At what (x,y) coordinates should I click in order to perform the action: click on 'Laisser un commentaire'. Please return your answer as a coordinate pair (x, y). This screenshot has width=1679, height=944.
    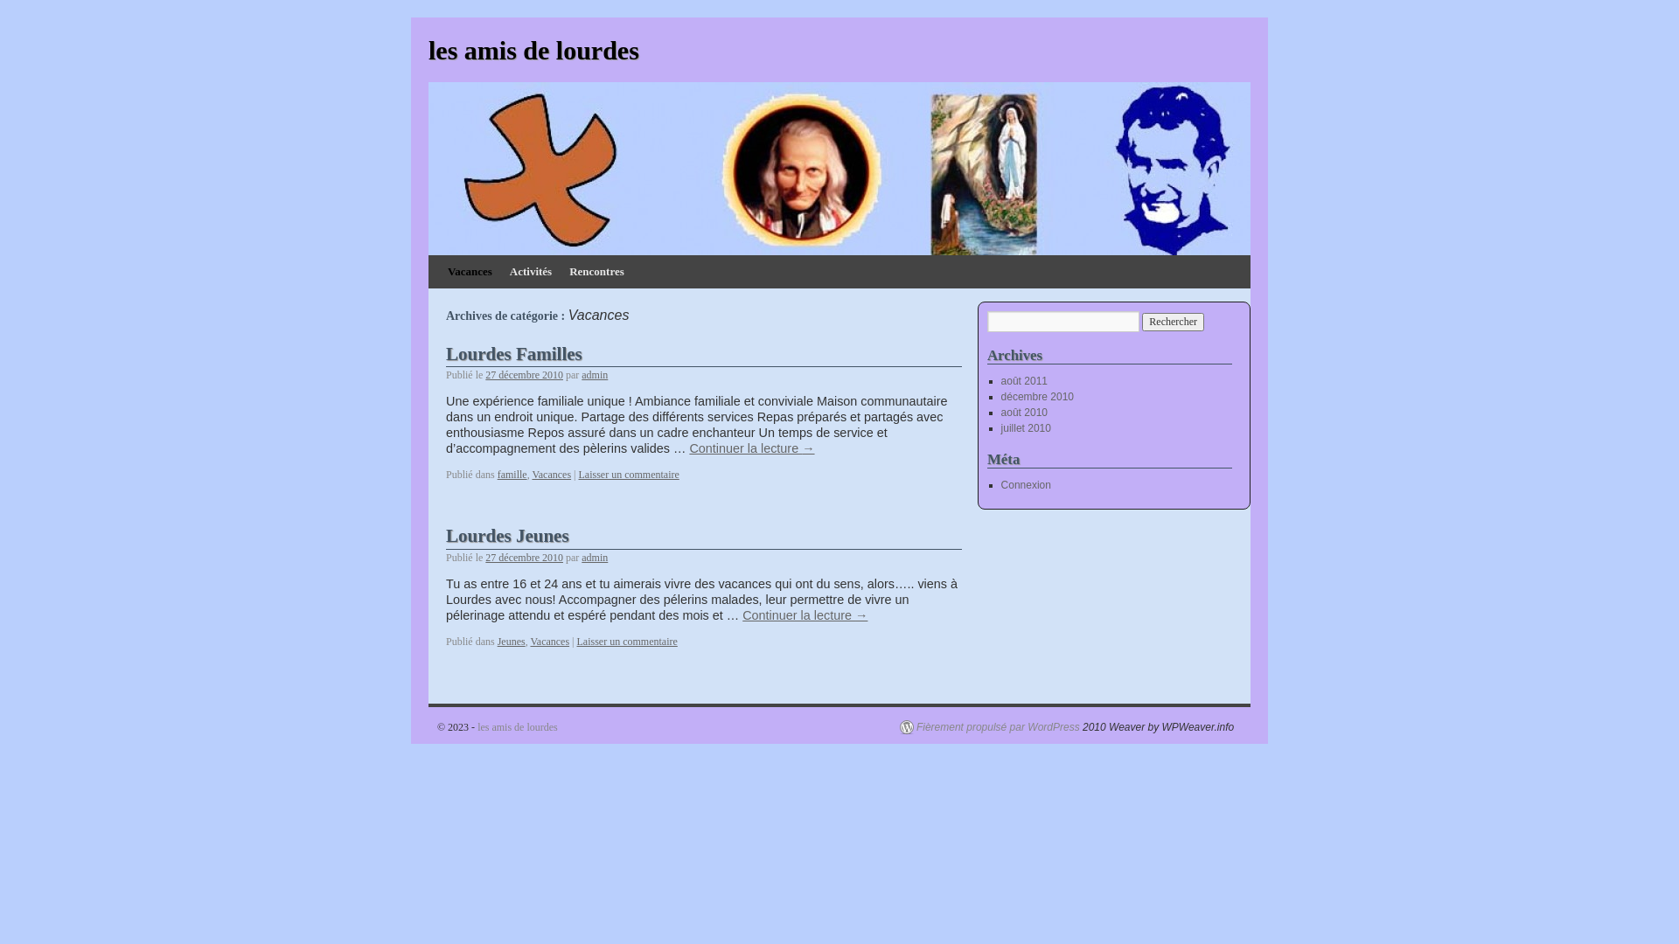
    Looking at the image, I should click on (629, 475).